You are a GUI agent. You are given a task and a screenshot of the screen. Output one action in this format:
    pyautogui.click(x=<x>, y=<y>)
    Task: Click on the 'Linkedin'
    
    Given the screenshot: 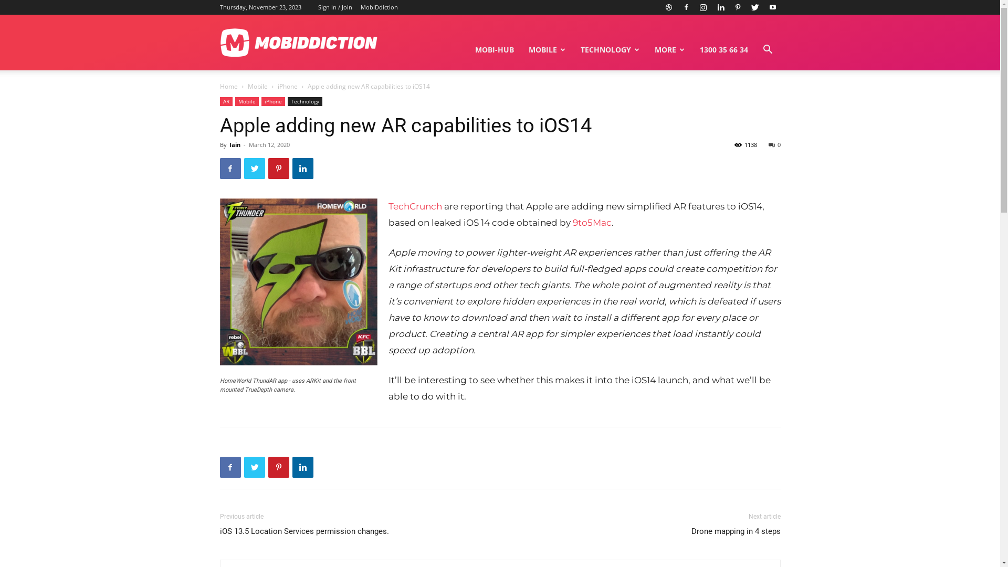 What is the action you would take?
    pyautogui.click(x=720, y=7)
    